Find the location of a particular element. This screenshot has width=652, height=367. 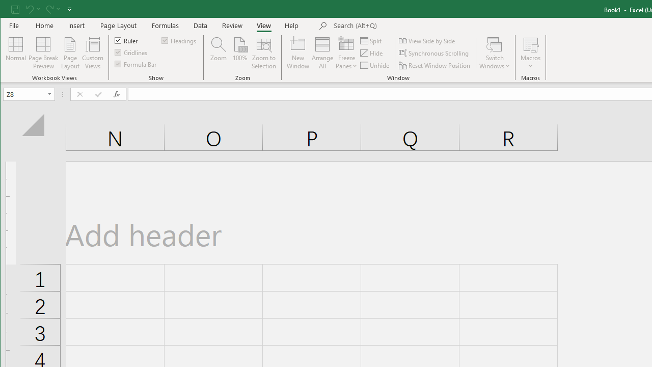

'Arrange All' is located at coordinates (322, 53).